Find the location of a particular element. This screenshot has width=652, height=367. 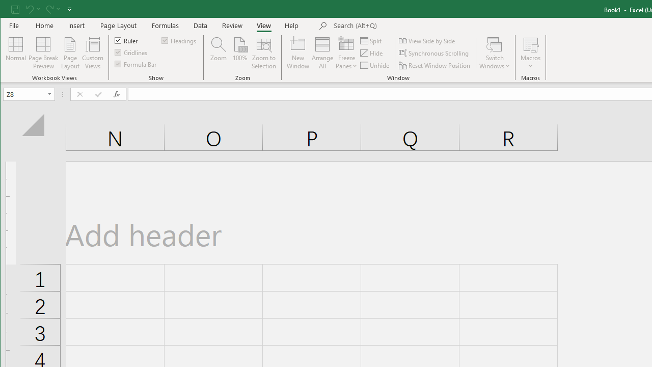

'Arrange All' is located at coordinates (322, 53).